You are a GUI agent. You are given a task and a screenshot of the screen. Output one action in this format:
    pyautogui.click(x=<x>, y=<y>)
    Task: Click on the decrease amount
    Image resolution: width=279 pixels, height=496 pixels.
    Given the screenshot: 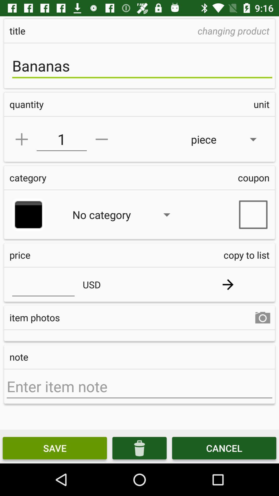 What is the action you would take?
    pyautogui.click(x=102, y=139)
    